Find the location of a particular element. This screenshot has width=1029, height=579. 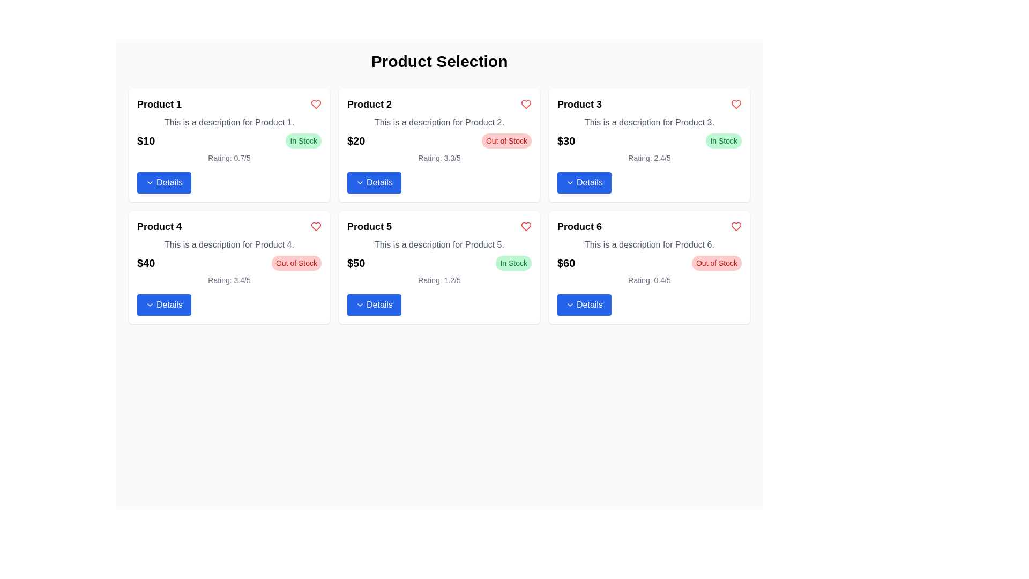

text from the Text Label that displays the title of the product in the second product card, positioned between 'Product 1' and 'Product 3' is located at coordinates (369, 105).